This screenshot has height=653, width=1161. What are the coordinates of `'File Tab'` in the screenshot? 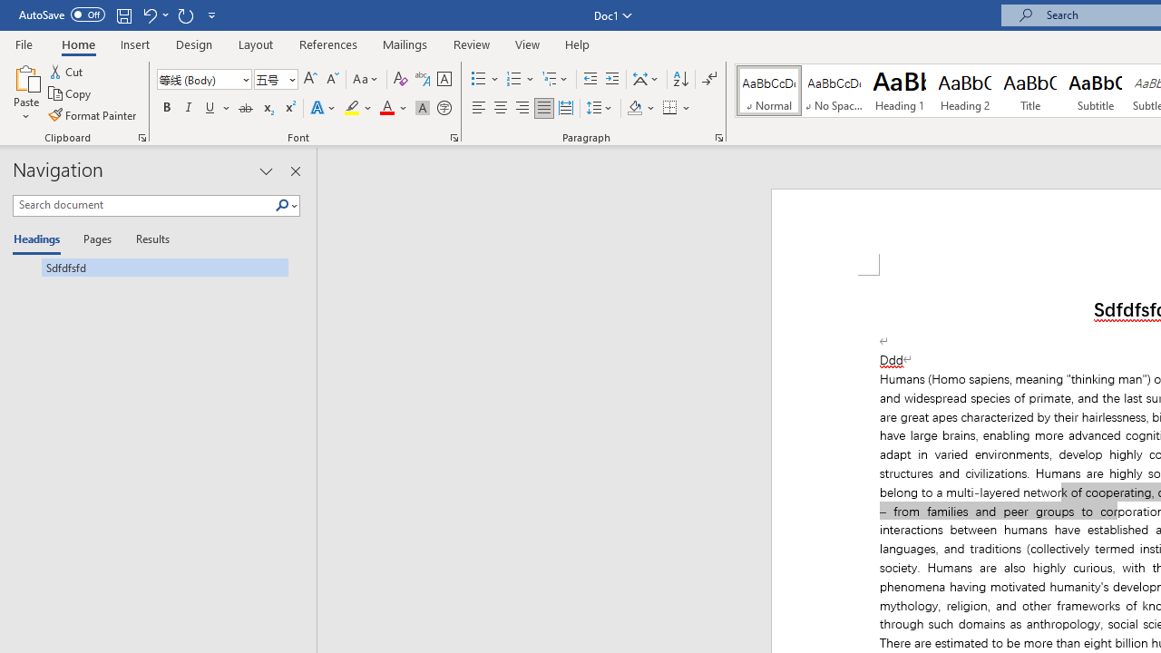 It's located at (24, 43).